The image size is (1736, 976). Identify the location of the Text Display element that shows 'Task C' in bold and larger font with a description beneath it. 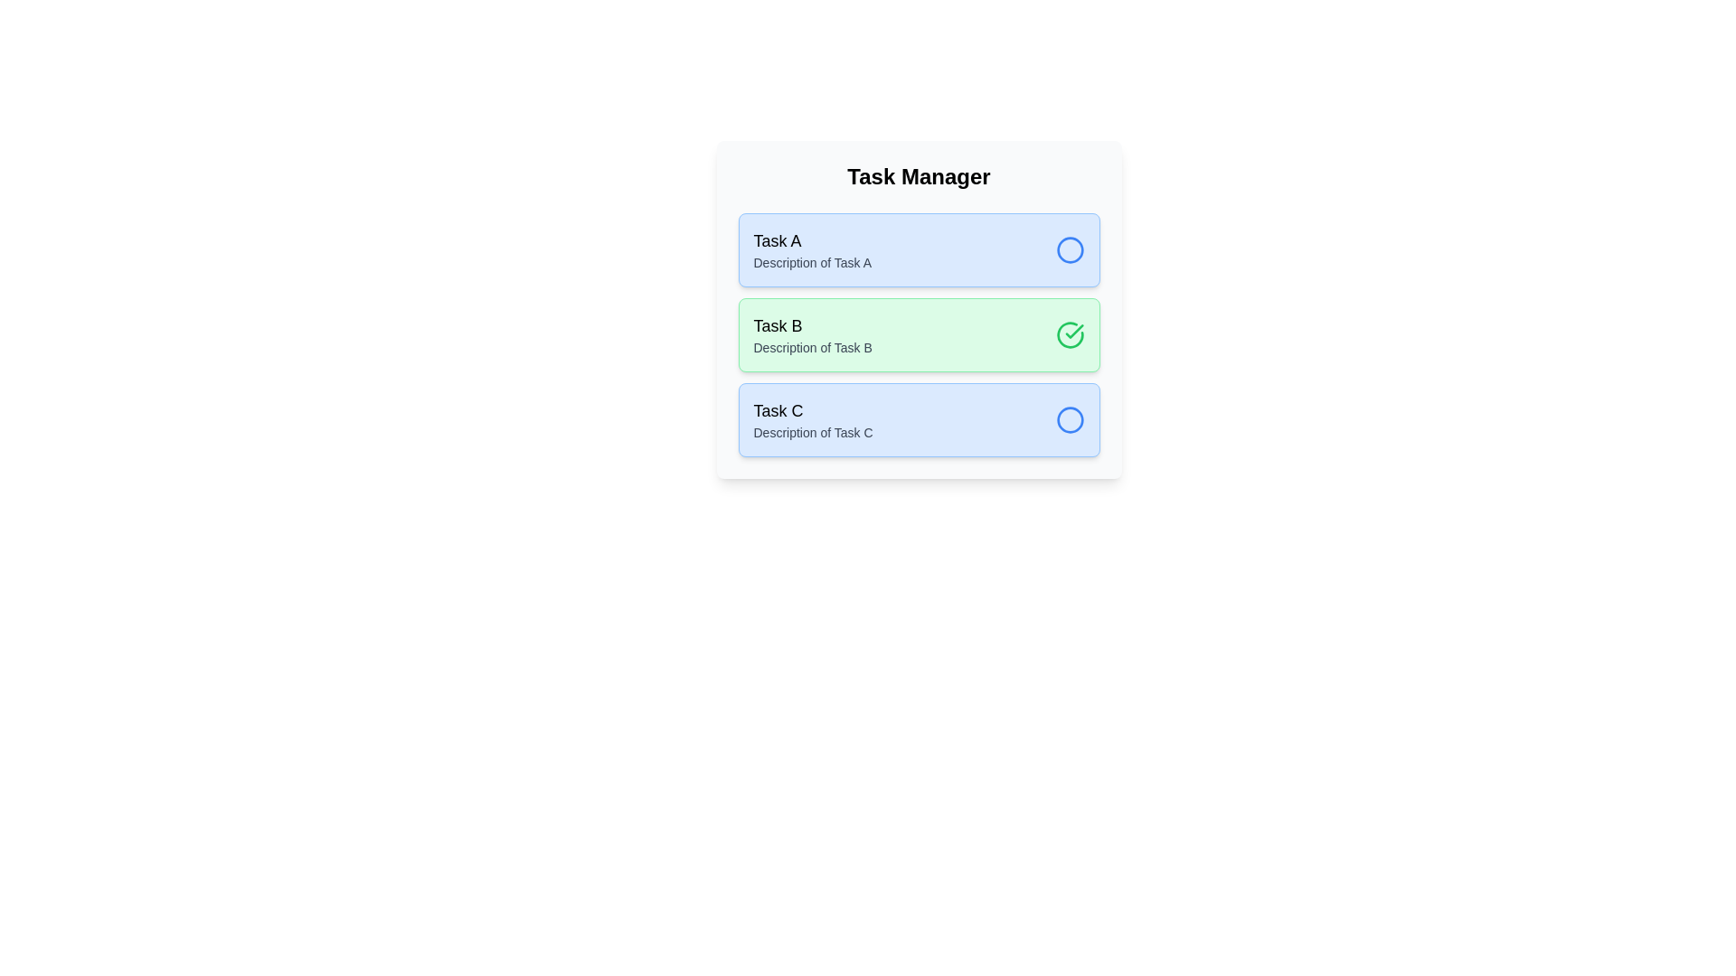
(812, 420).